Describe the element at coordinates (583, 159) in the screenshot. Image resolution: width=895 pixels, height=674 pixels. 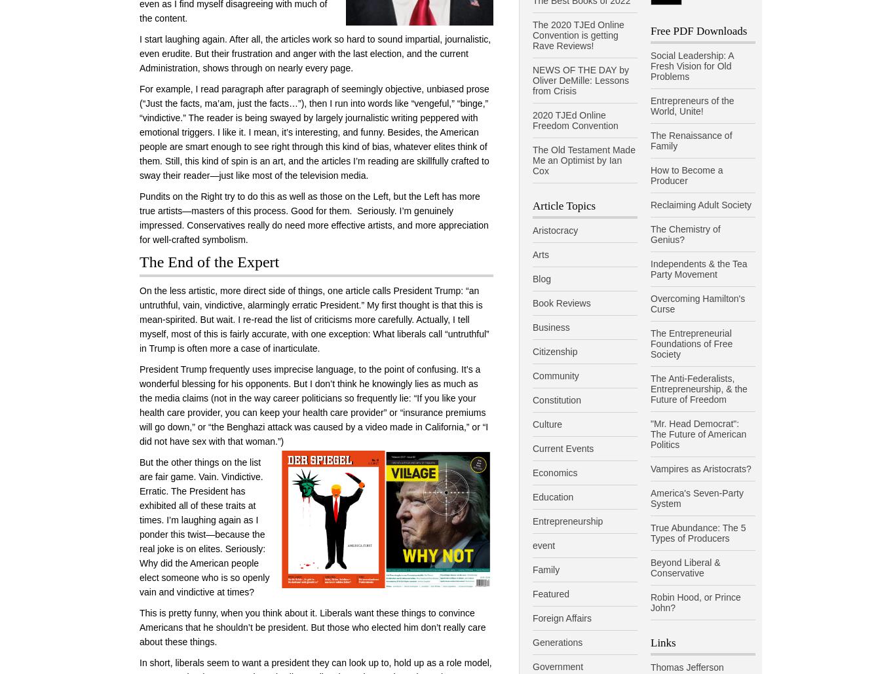
I see `'The Old Testament Made Me an Optimist by Ian Cox'` at that location.